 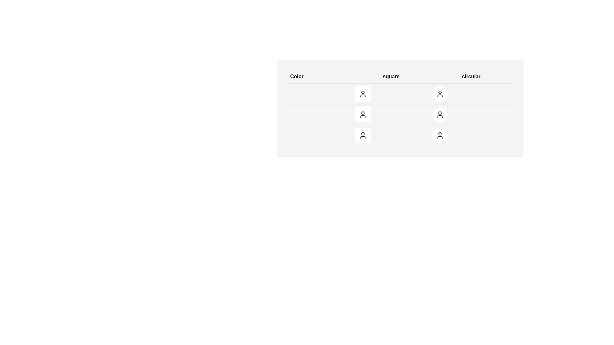 I want to click on the user-related action icon located in the second row of the 'square' column within the table layout, so click(x=363, y=114).